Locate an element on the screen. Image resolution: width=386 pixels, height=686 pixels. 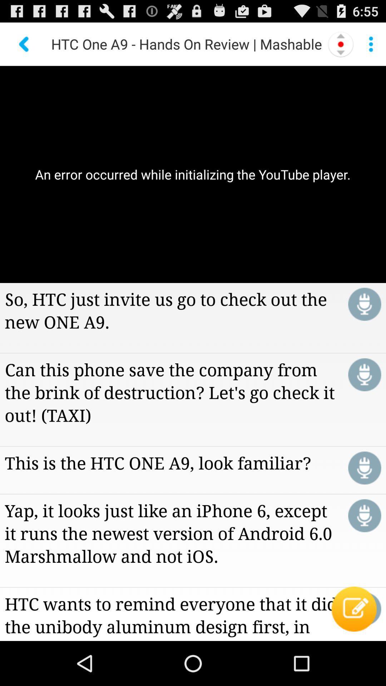
write message is located at coordinates (365, 608).